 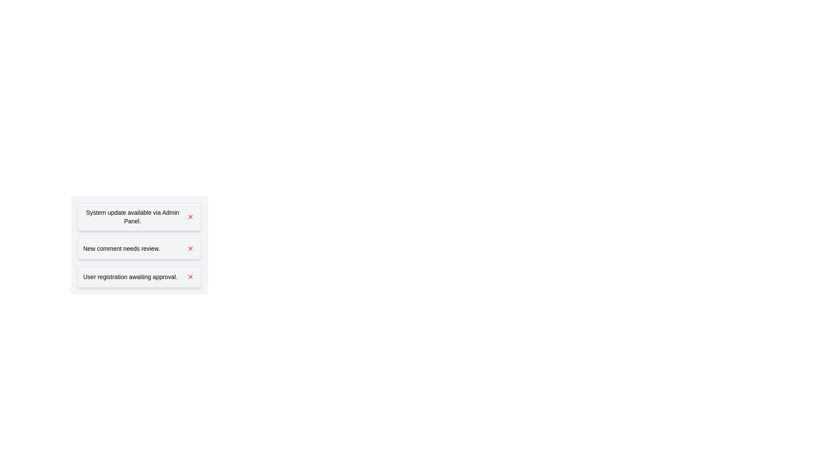 What do you see at coordinates (121, 248) in the screenshot?
I see `the notification label that indicates a new comment requiring review, which is the second item in a vertical stack of three notifications` at bounding box center [121, 248].